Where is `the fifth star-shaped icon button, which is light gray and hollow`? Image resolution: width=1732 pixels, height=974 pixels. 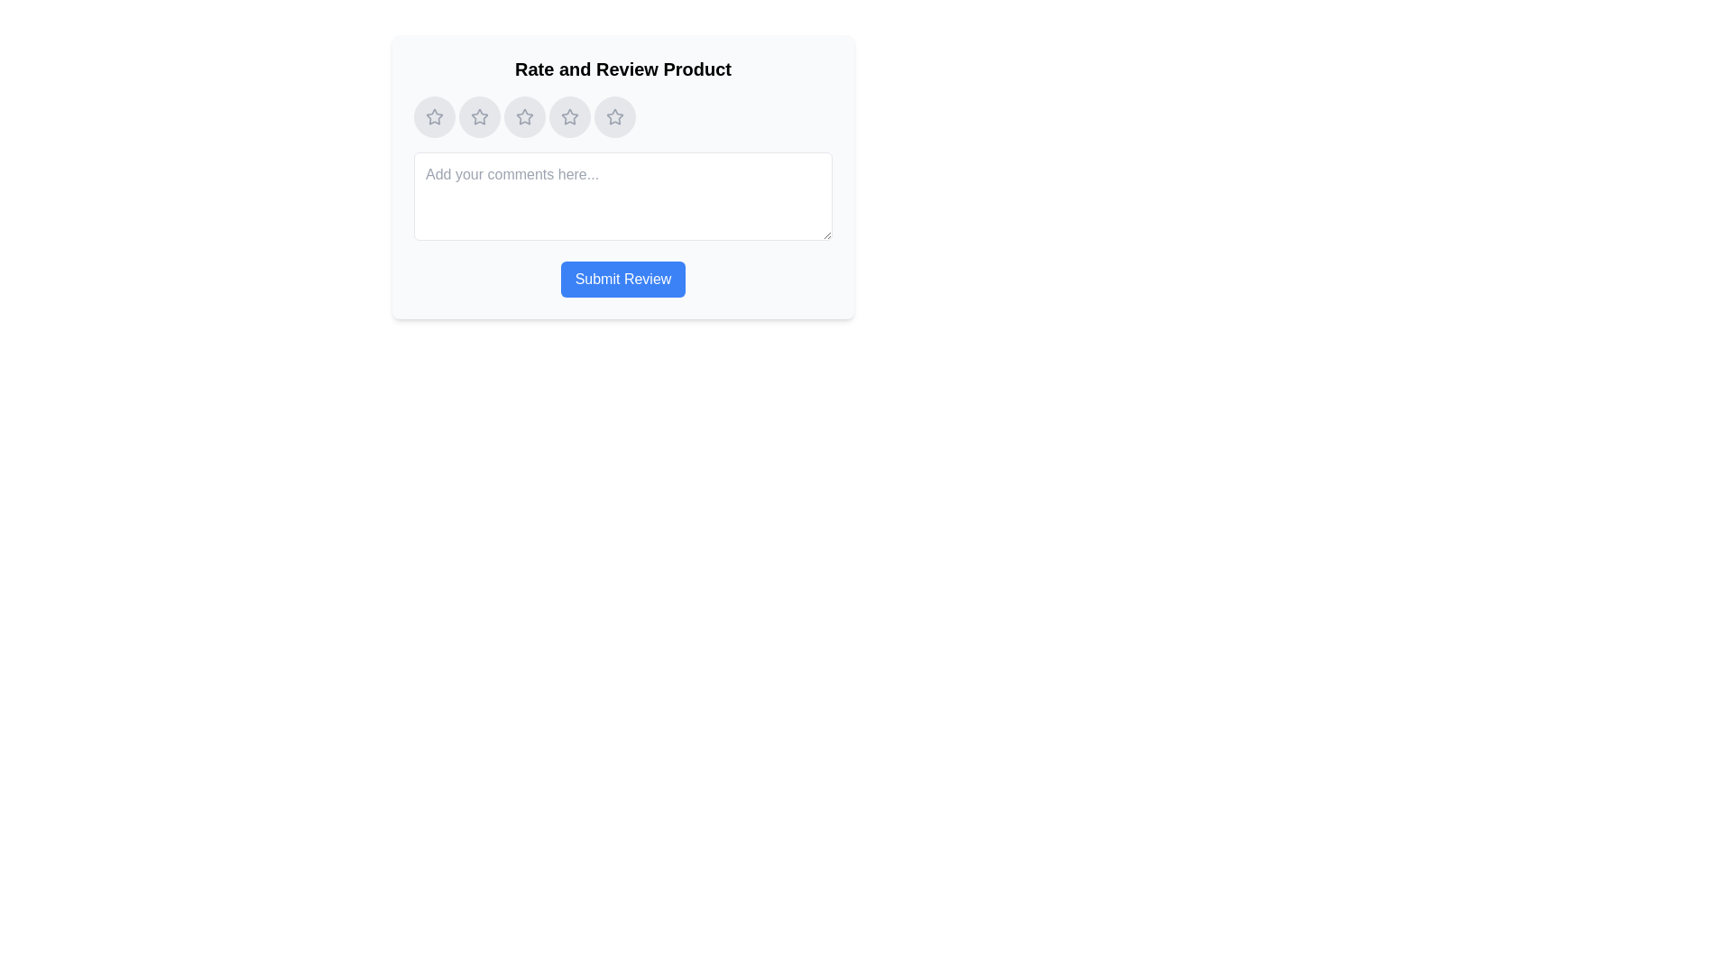
the fifth star-shaped icon button, which is light gray and hollow is located at coordinates (614, 117).